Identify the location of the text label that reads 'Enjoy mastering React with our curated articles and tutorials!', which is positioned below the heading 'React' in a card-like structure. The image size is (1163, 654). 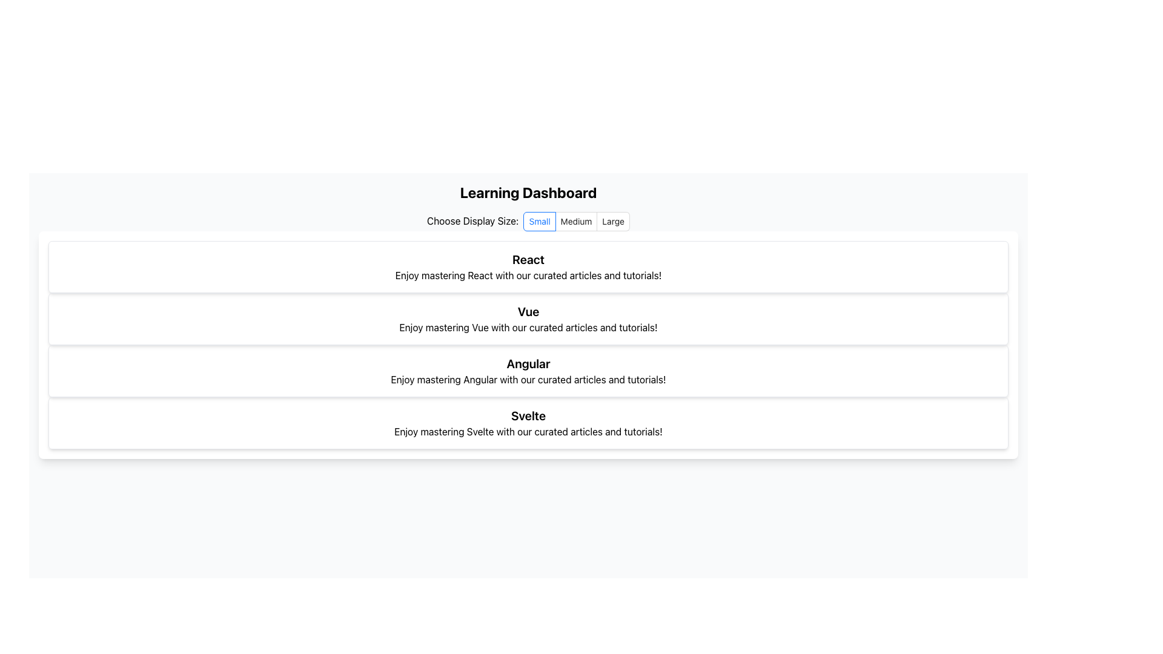
(528, 276).